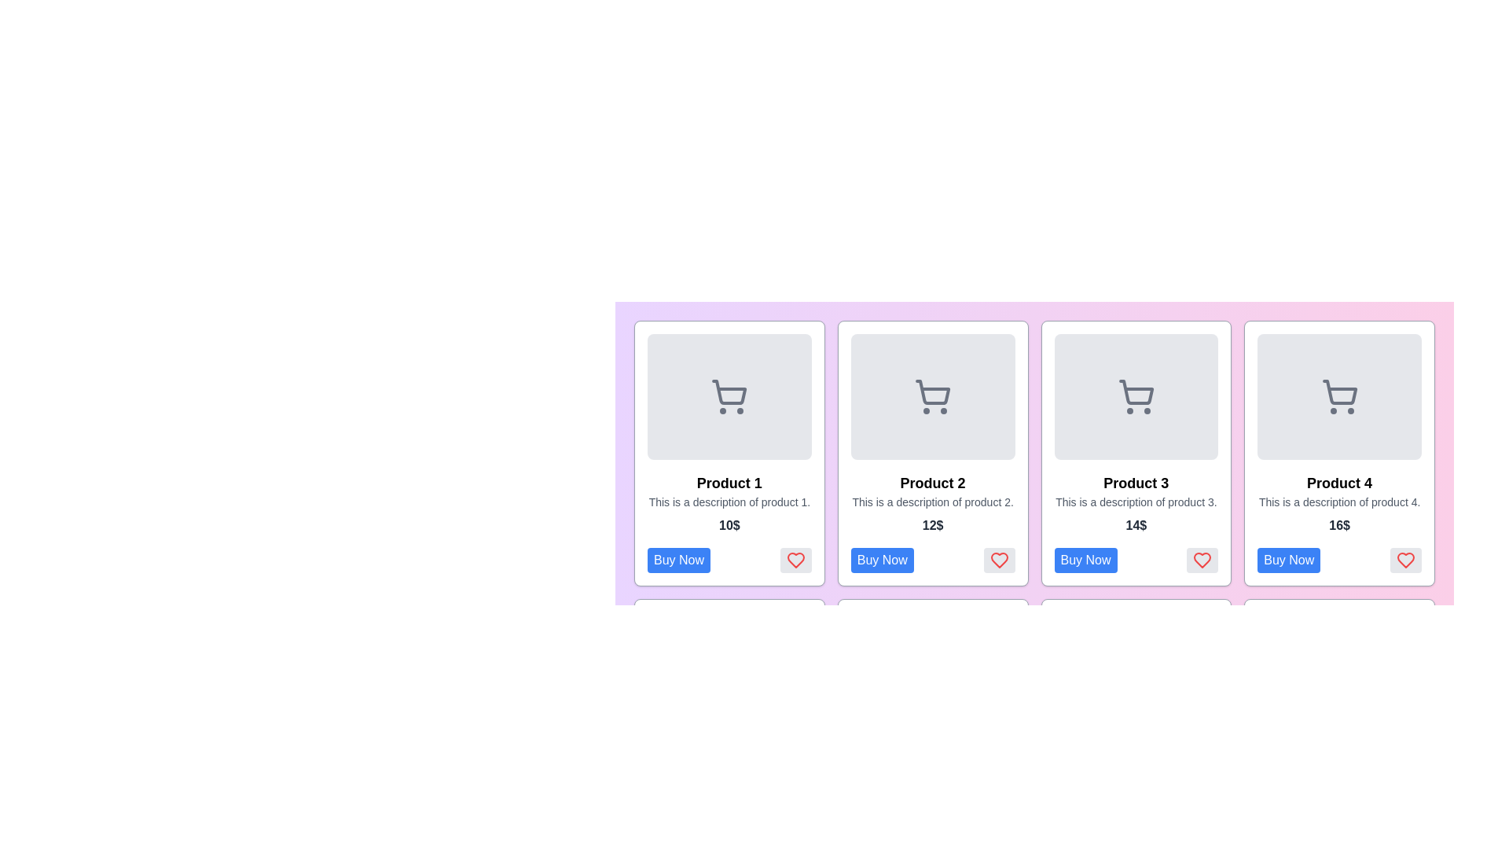  I want to click on the title text of 'Product 3' located in the third product card, so click(1136, 482).